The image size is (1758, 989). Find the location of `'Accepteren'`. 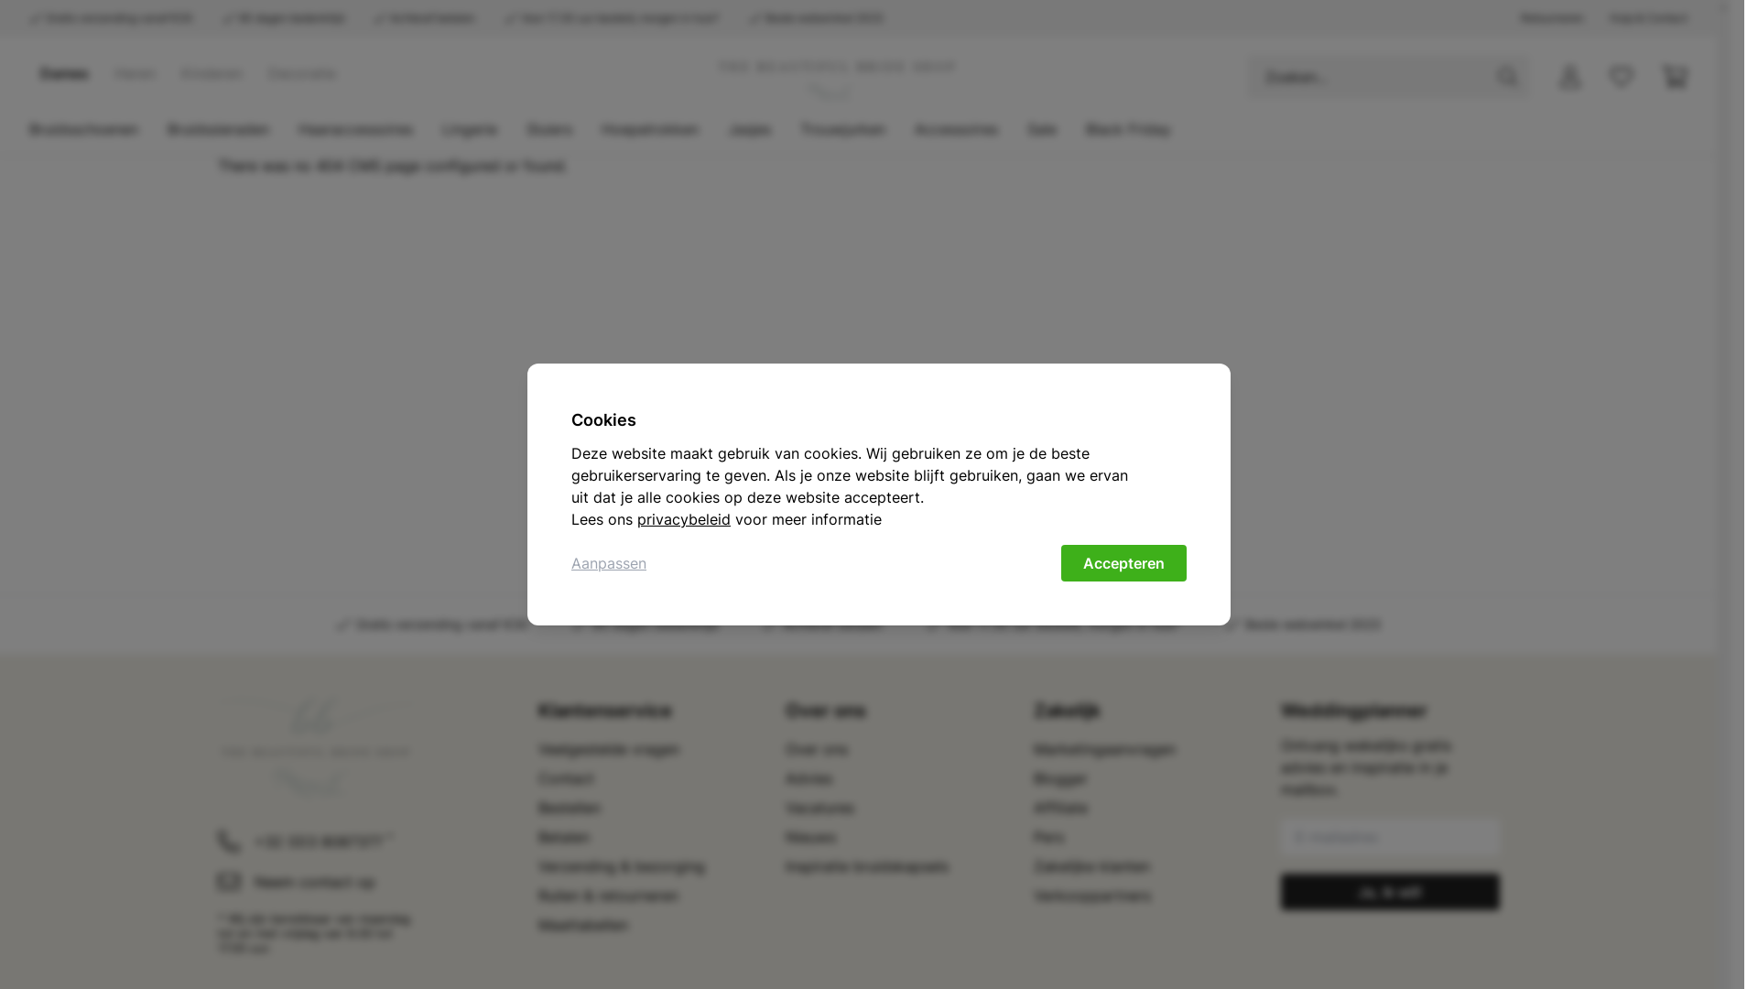

'Accepteren' is located at coordinates (1123, 561).